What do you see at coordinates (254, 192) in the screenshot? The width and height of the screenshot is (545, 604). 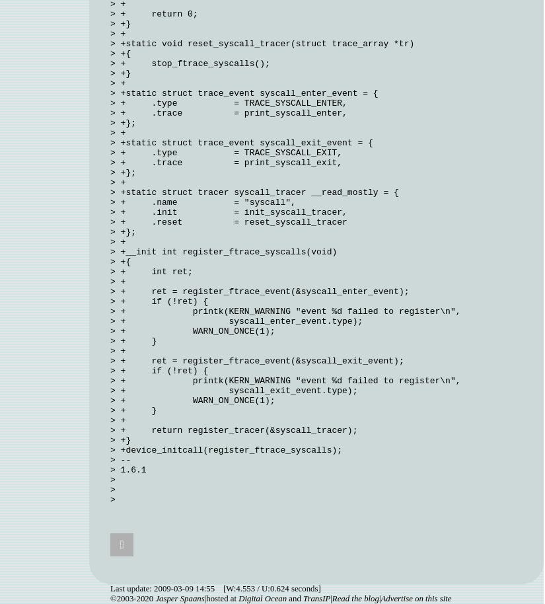 I see `'> +static struct tracer syscall_tracer __read_mostly = {'` at bounding box center [254, 192].